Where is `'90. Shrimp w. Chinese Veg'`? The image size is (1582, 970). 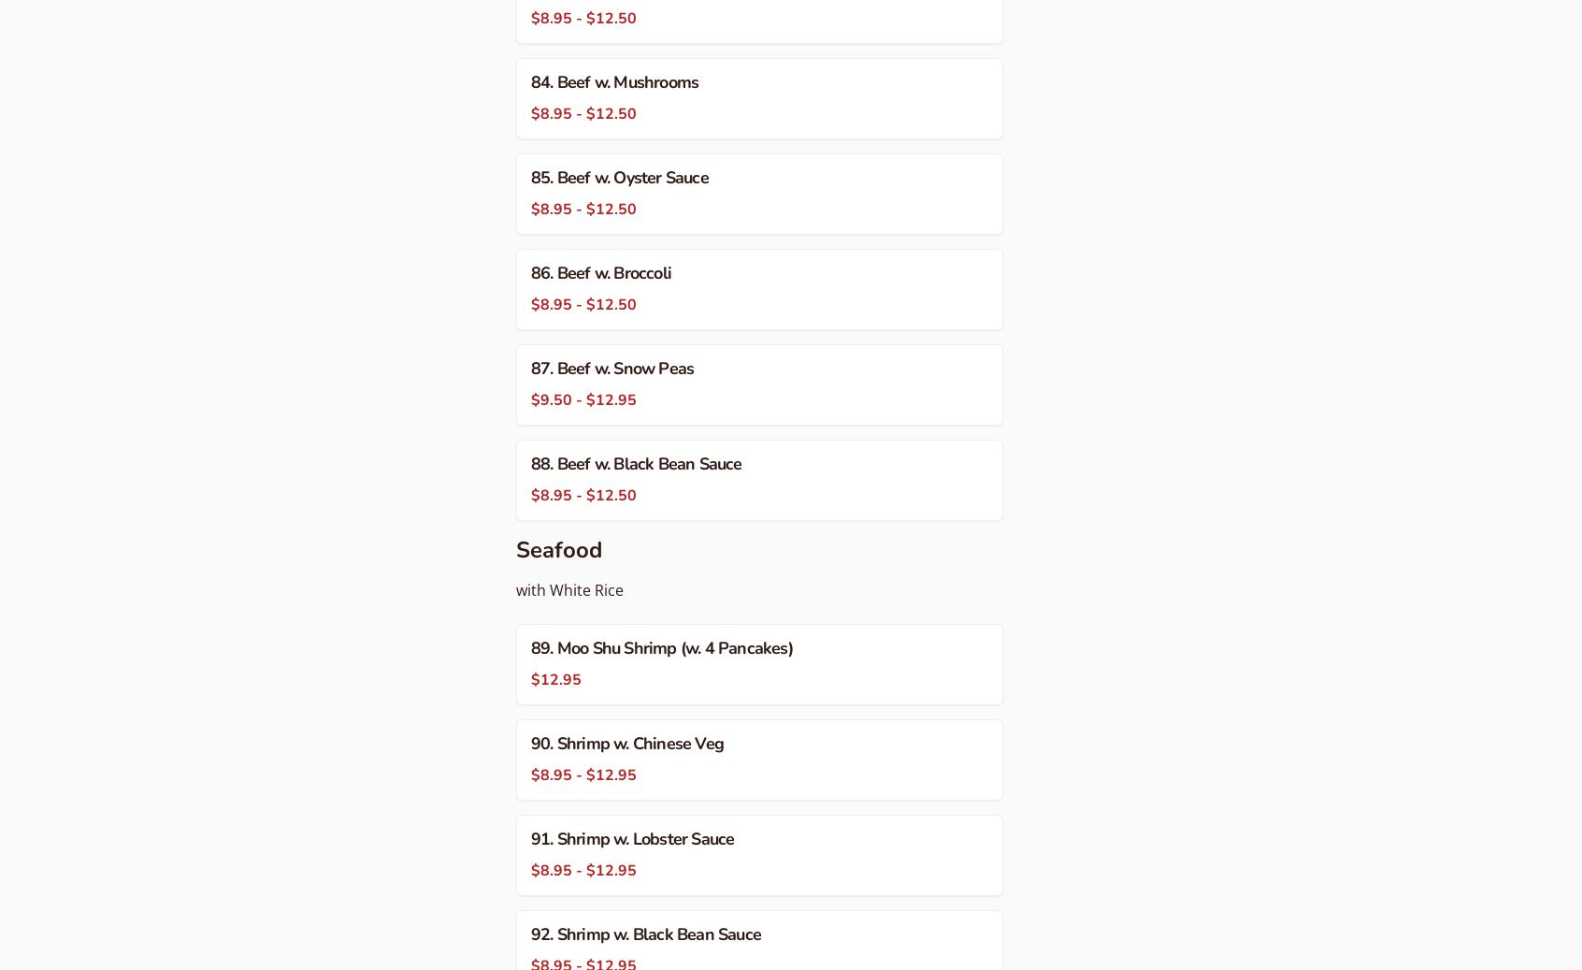
'90. Shrimp w. Chinese Veg' is located at coordinates (530, 743).